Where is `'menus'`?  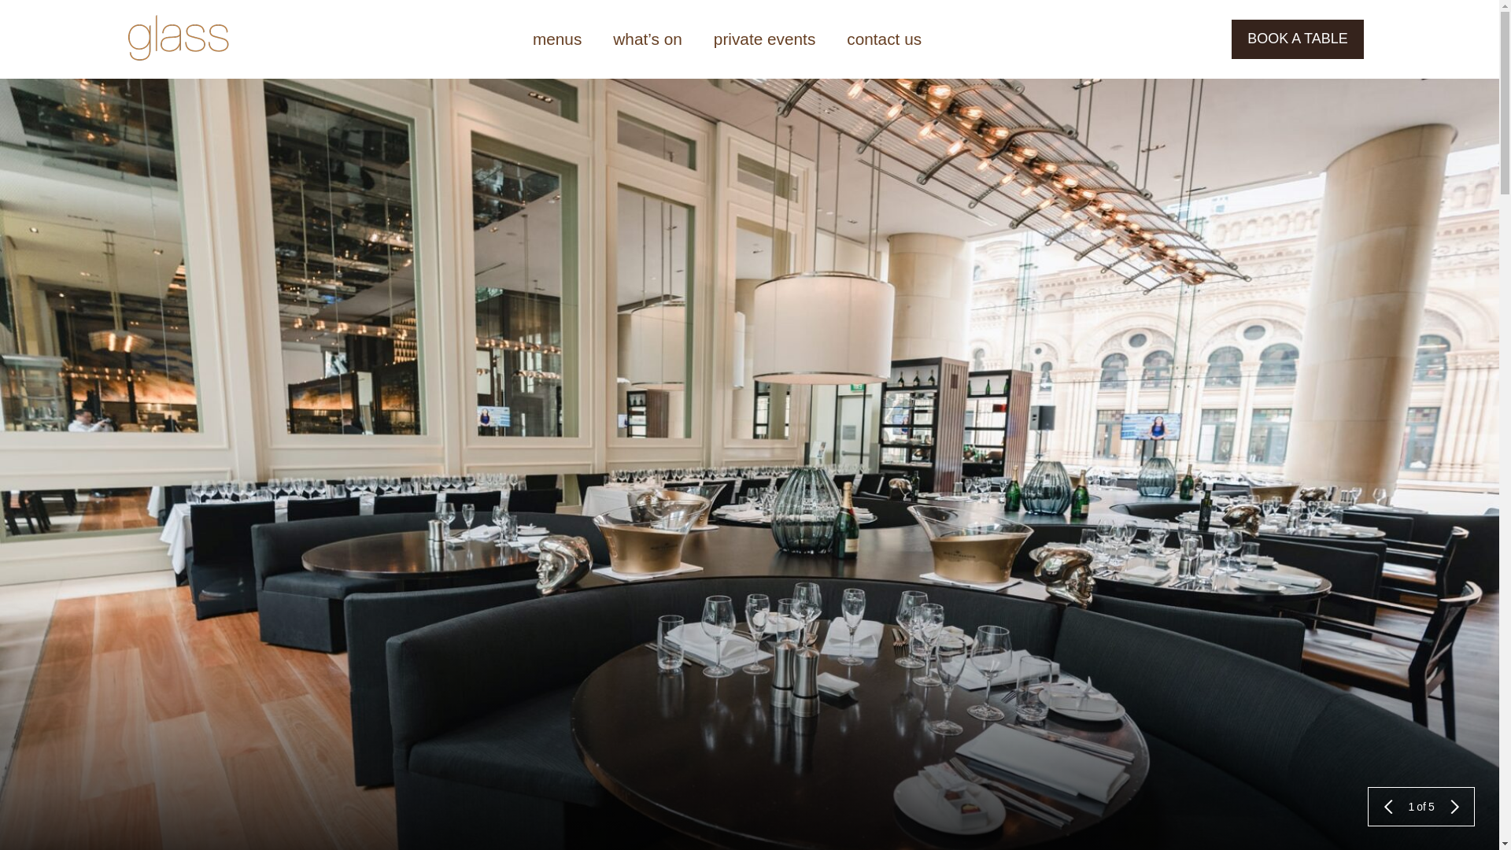 'menus' is located at coordinates (557, 39).